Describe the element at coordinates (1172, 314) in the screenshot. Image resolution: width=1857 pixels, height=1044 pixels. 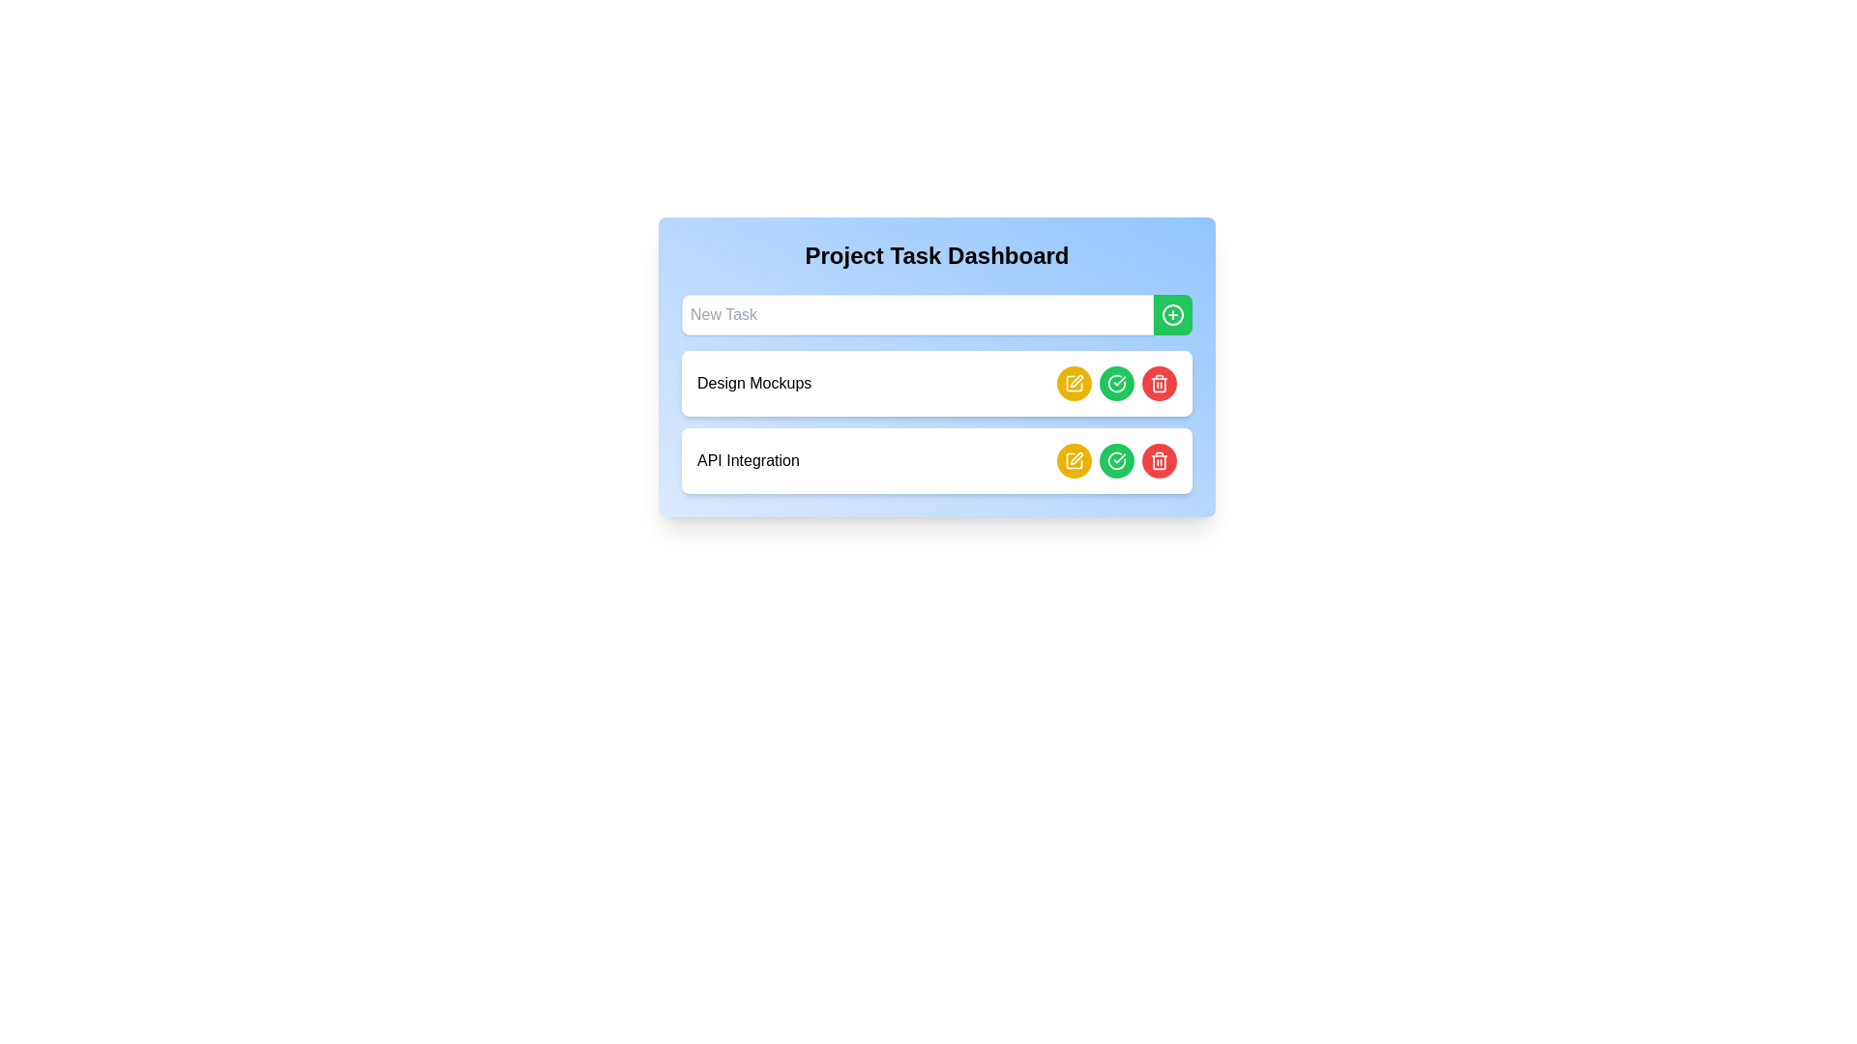
I see `the circular add button with a green background and white border, located at the top right corner of the 'New Task' input field` at that location.